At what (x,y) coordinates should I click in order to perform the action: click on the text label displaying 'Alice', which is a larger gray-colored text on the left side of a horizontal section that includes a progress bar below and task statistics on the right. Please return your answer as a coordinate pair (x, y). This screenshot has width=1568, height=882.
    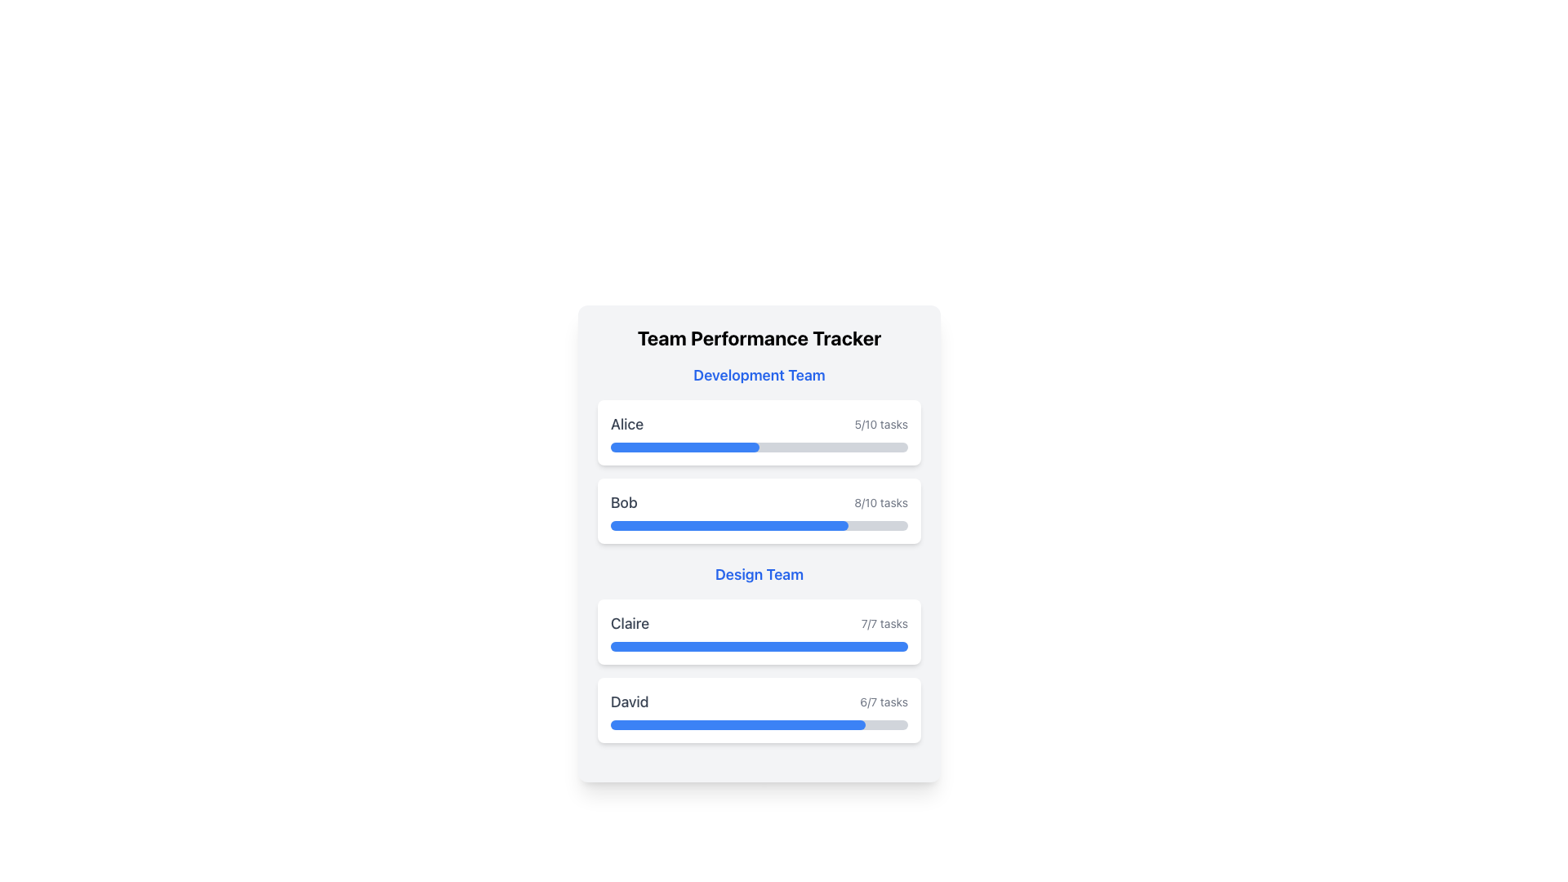
    Looking at the image, I should click on (626, 424).